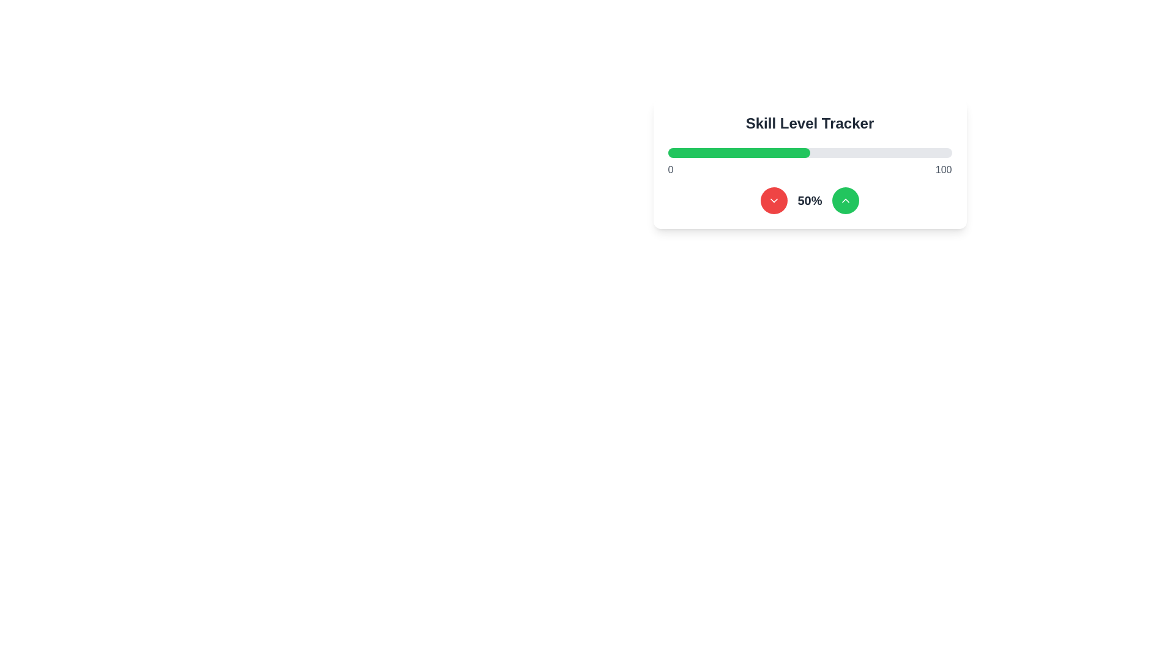 This screenshot has width=1175, height=661. I want to click on the text display that shows '50%' in bold, large, dark gray font, located between a red button on the left and a green button on the right, so click(810, 200).